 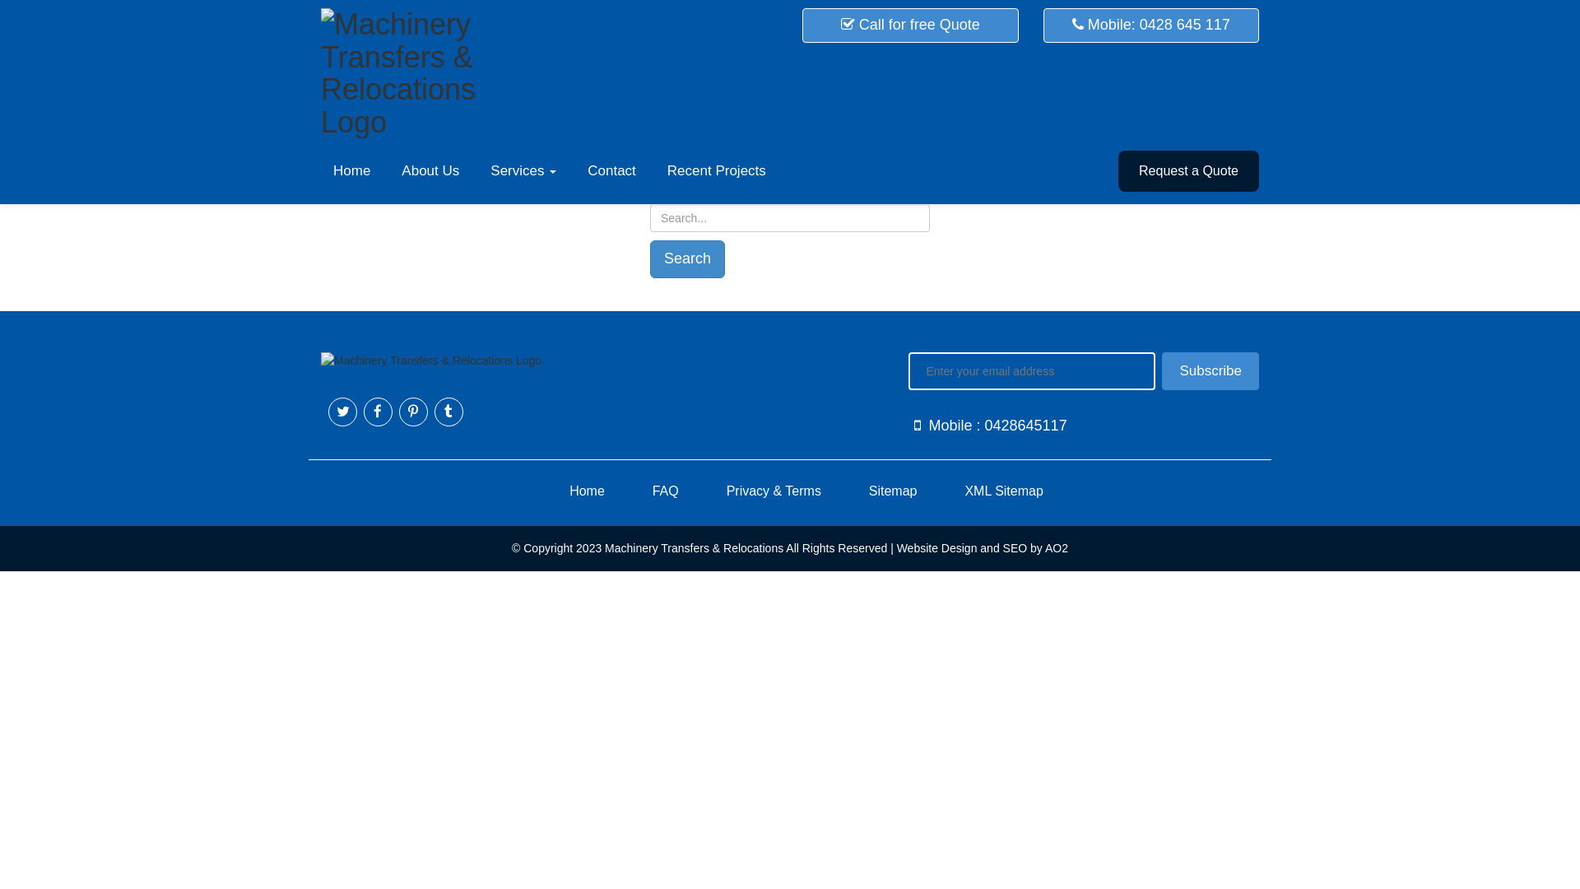 What do you see at coordinates (523, 171) in the screenshot?
I see `'Services'` at bounding box center [523, 171].